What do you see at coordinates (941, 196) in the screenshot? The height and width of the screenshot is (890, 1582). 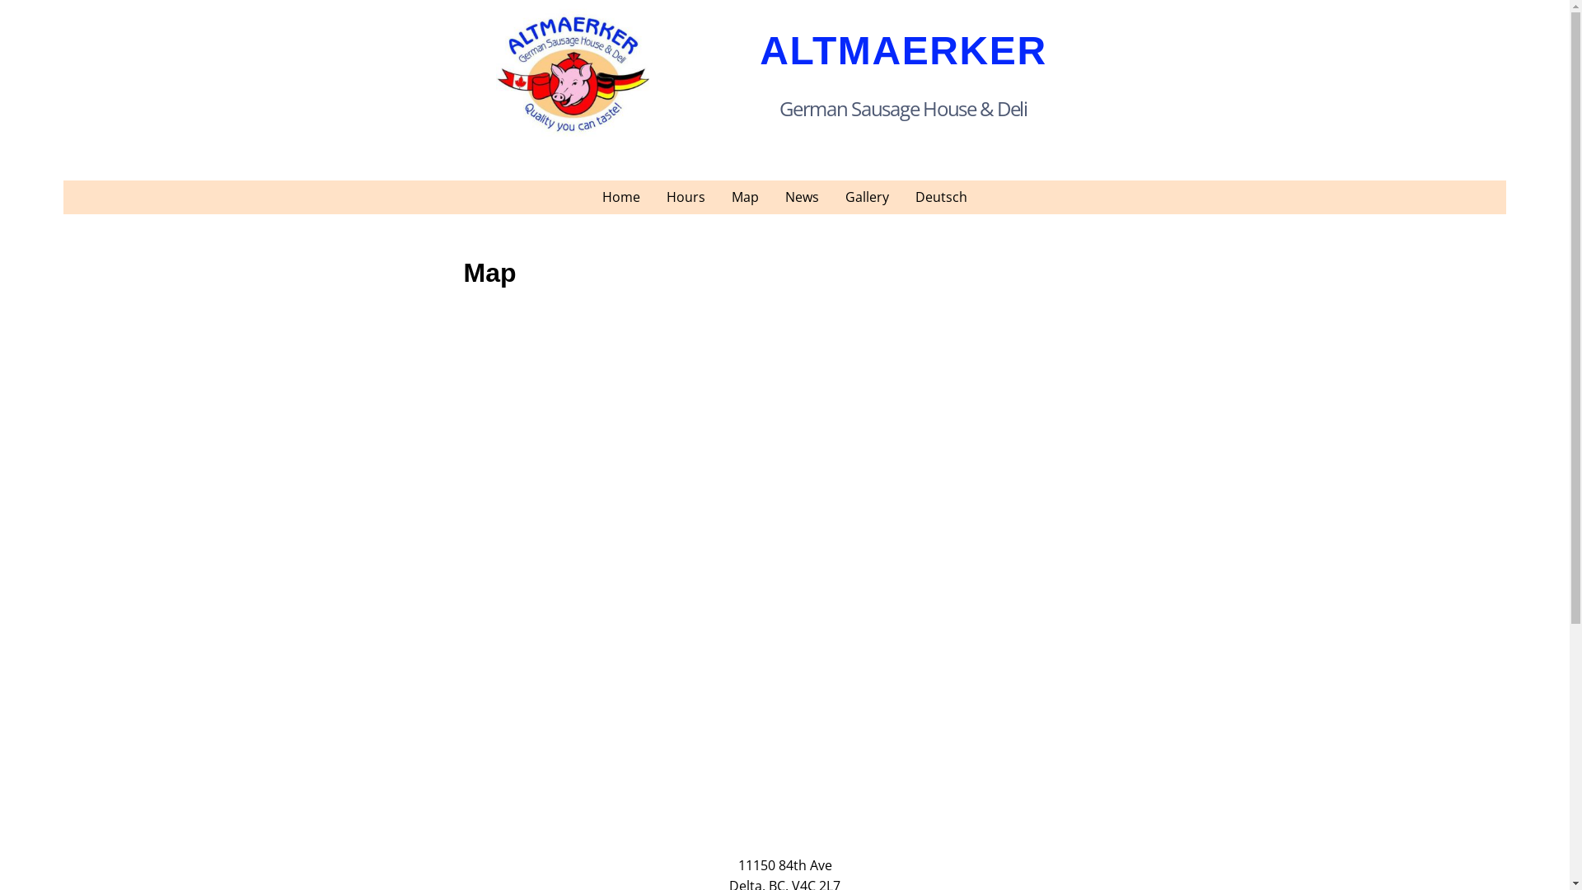 I see `'Deutsch'` at bounding box center [941, 196].